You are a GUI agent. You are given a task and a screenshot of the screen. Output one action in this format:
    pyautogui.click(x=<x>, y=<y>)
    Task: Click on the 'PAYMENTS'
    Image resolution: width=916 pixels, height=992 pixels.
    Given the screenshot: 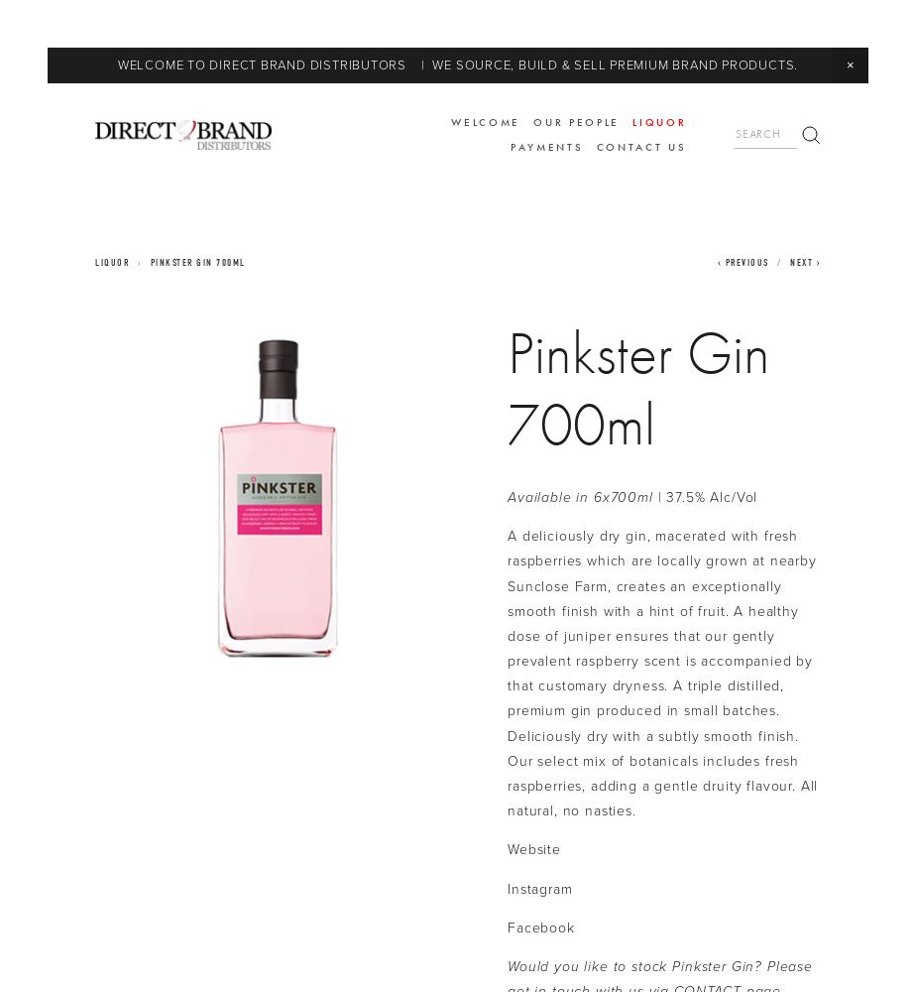 What is the action you would take?
    pyautogui.click(x=546, y=146)
    